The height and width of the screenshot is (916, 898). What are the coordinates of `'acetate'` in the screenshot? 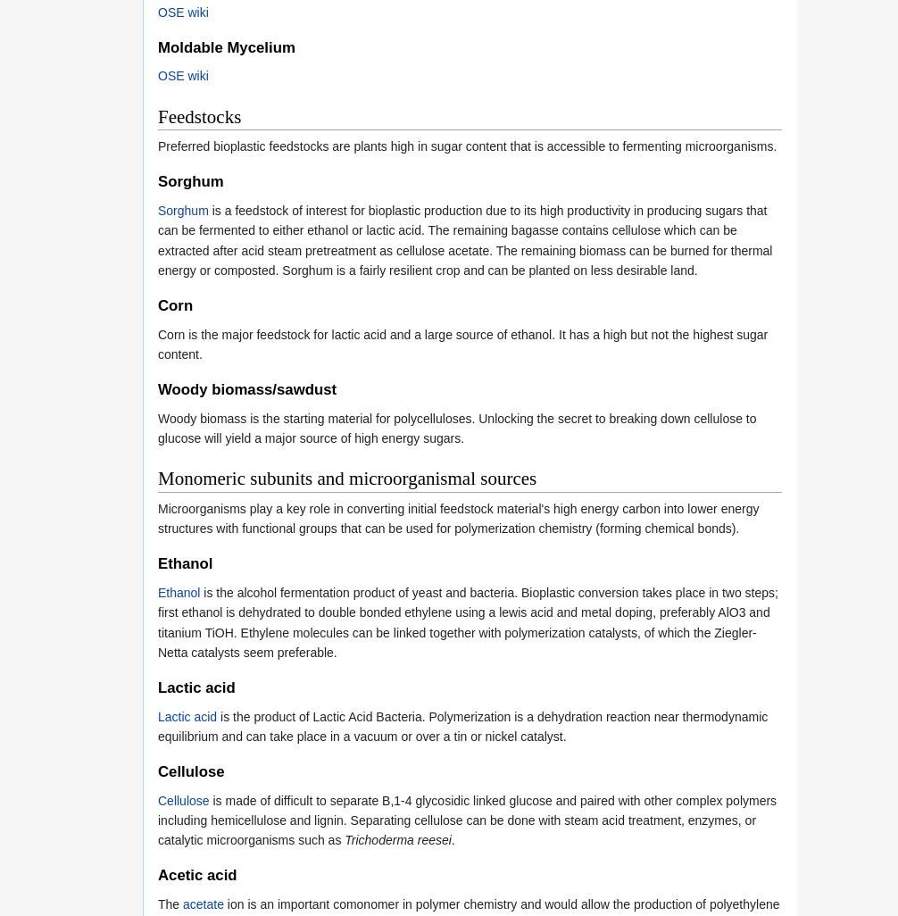 It's located at (203, 903).